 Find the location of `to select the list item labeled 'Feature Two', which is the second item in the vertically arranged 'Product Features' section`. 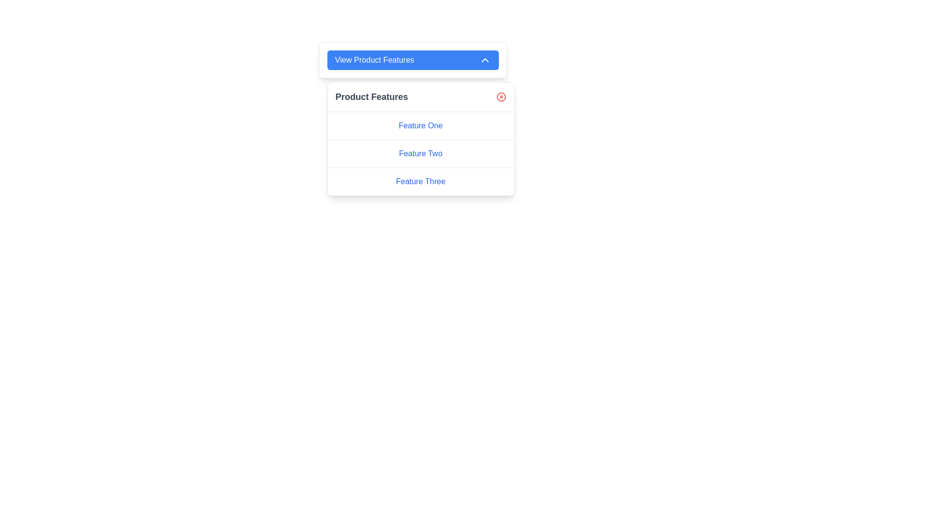

to select the list item labeled 'Feature Two', which is the second item in the vertically arranged 'Product Features' section is located at coordinates (421, 154).